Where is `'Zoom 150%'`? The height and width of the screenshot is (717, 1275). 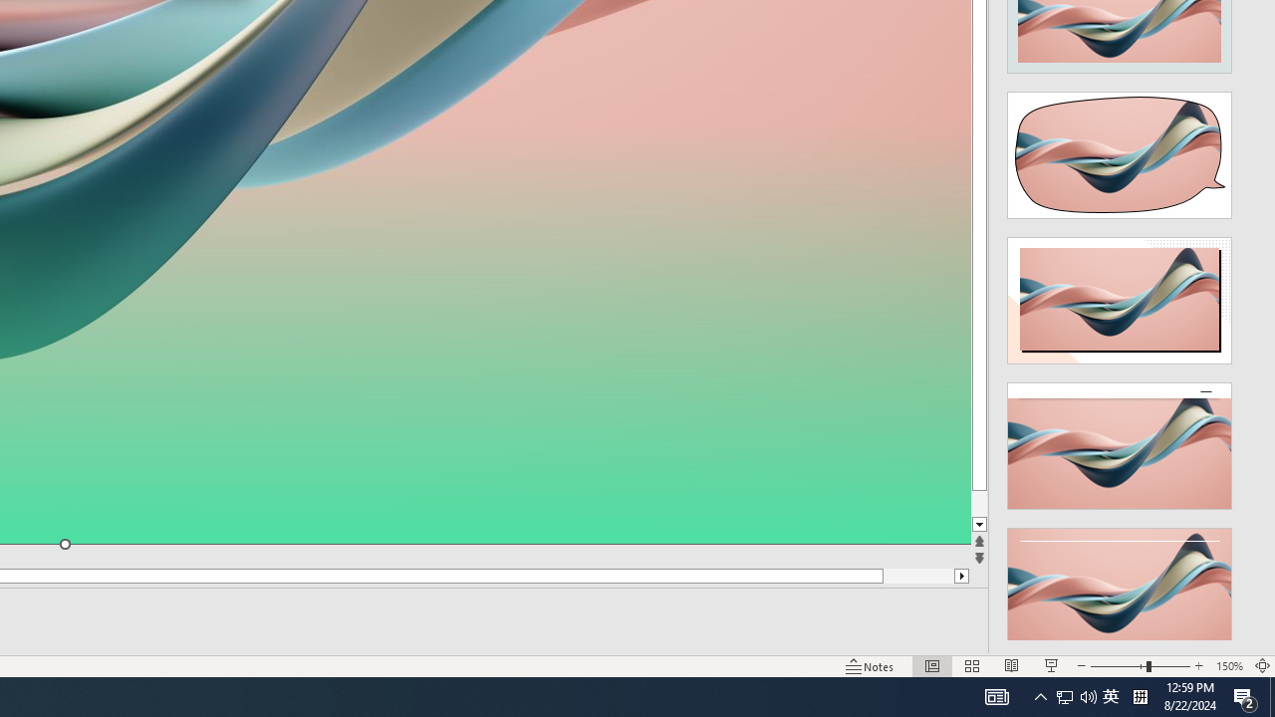
'Zoom 150%' is located at coordinates (1228, 666).